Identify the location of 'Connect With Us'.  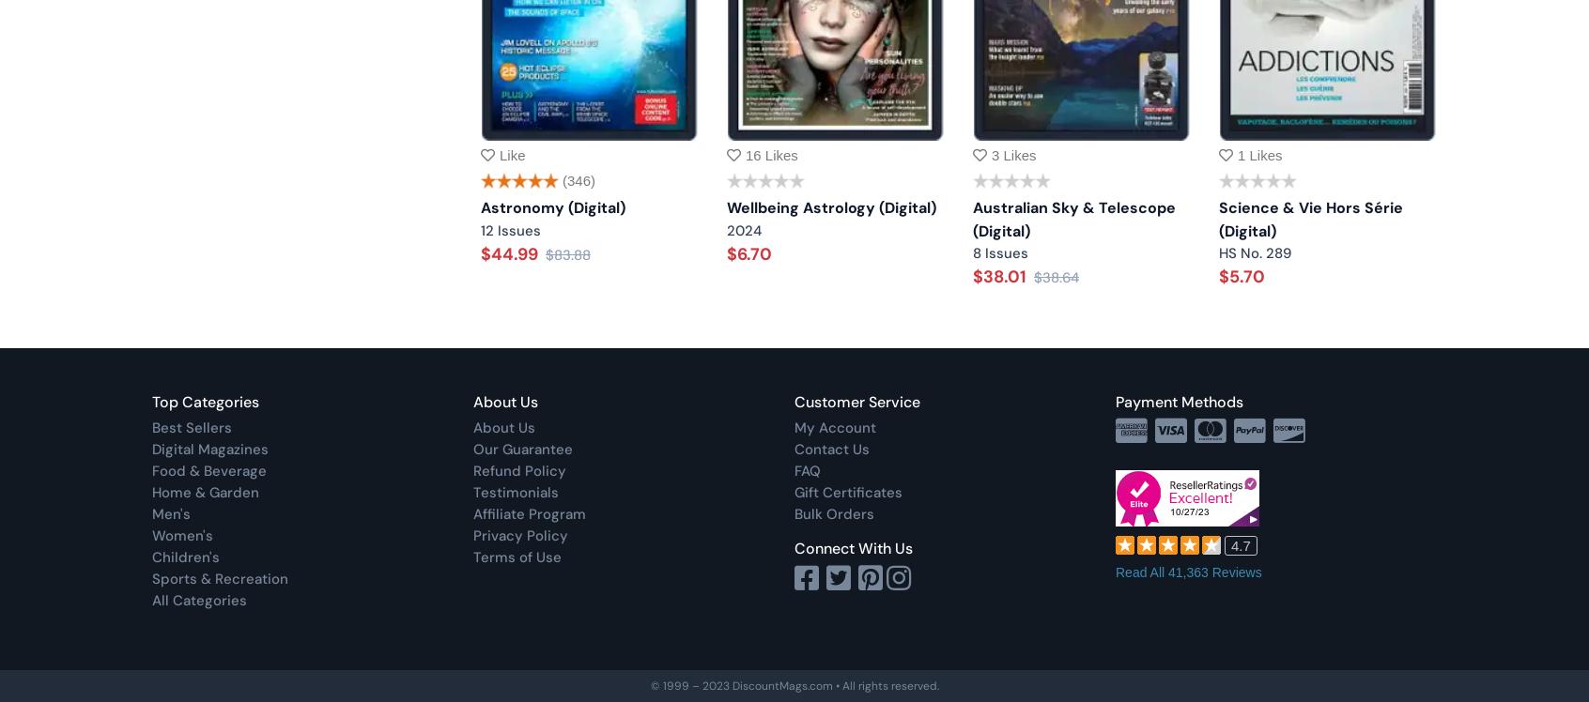
(852, 548).